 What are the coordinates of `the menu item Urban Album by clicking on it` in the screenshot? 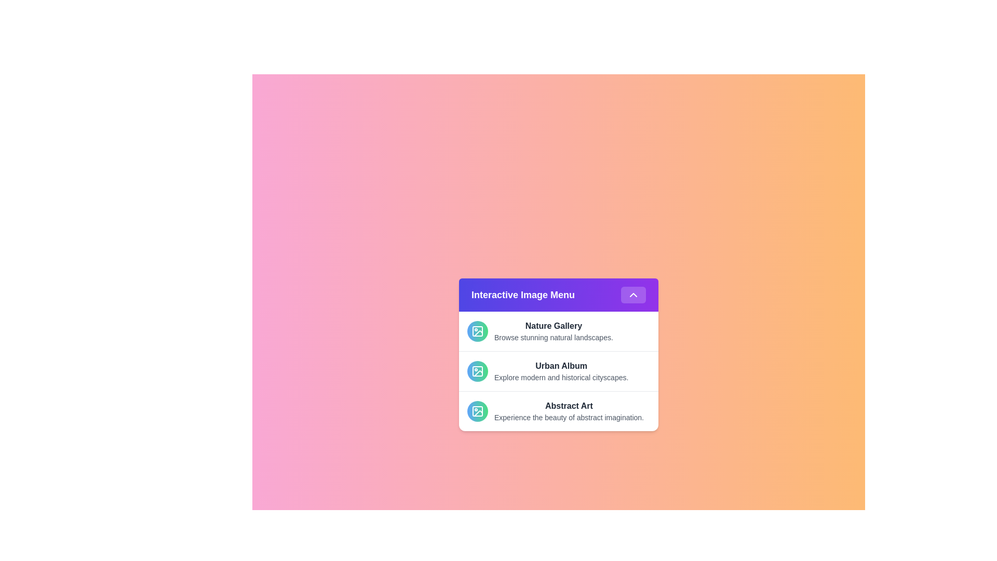 It's located at (558, 370).